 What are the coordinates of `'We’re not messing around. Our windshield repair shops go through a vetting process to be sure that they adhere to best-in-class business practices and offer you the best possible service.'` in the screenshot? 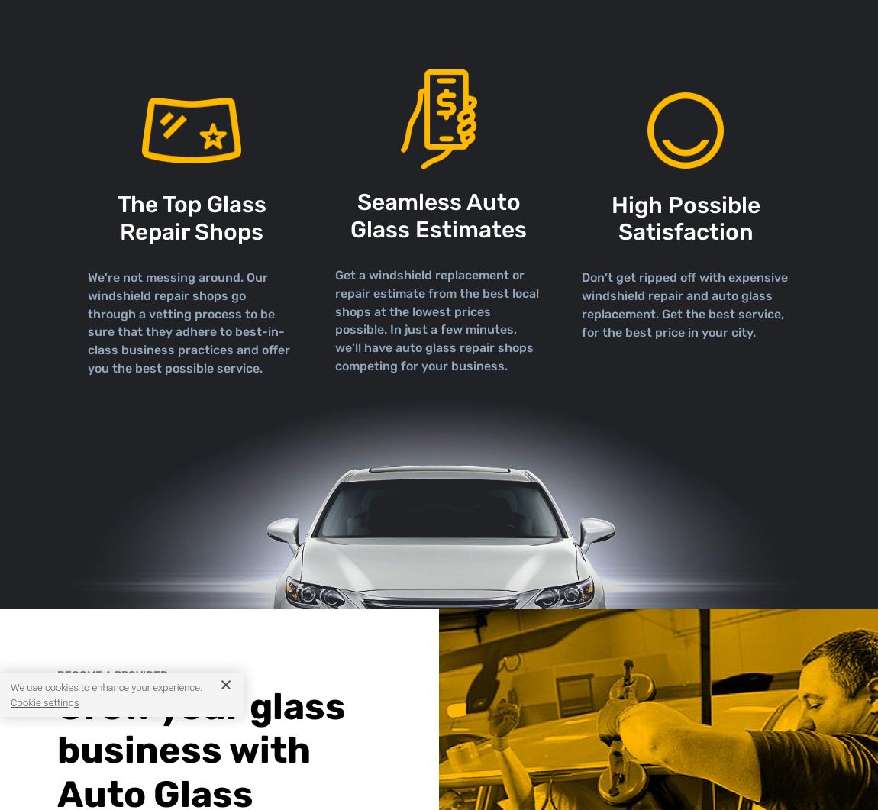 It's located at (188, 321).